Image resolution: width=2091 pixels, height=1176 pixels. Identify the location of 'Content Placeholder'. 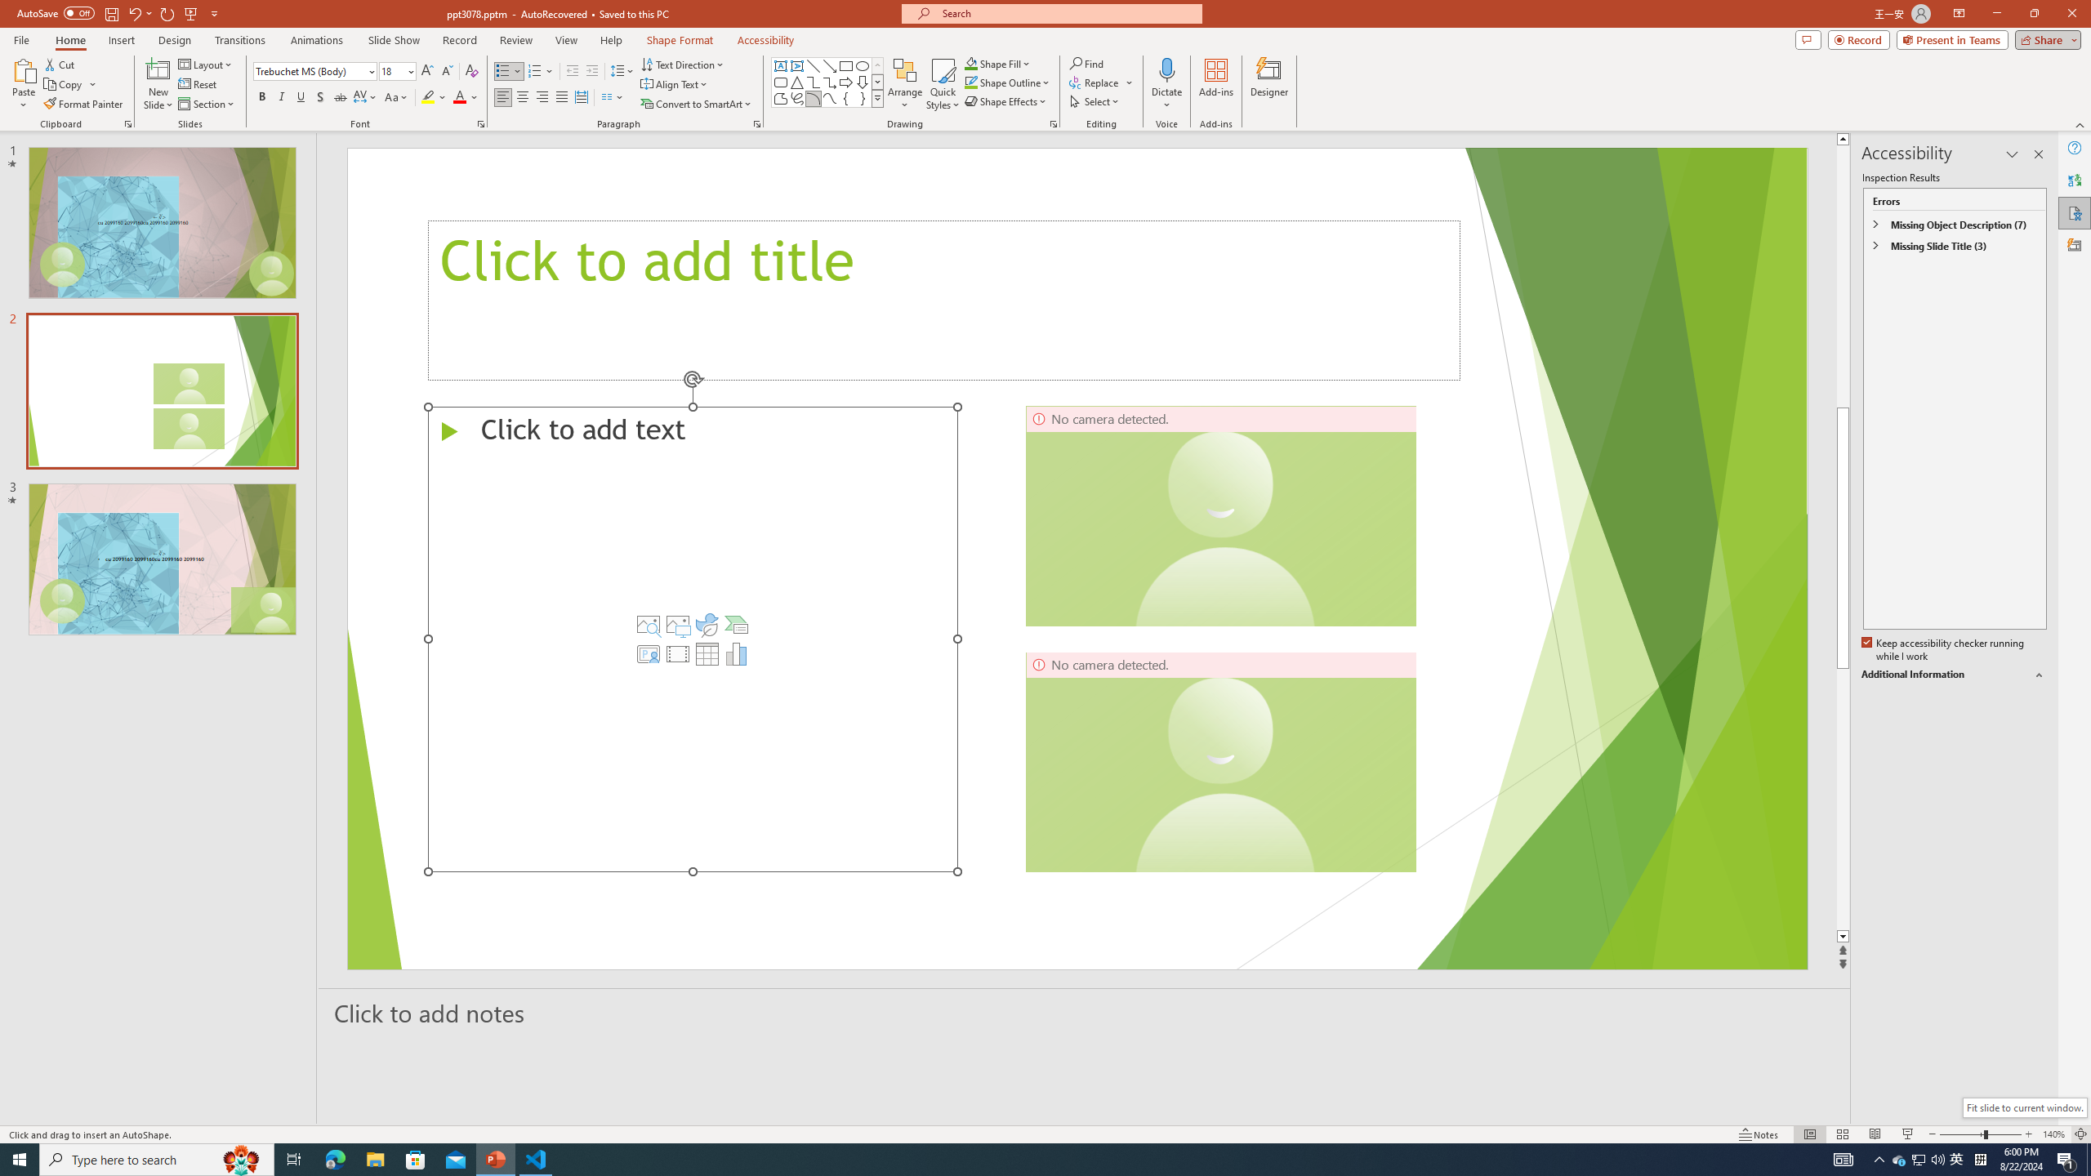
(692, 639).